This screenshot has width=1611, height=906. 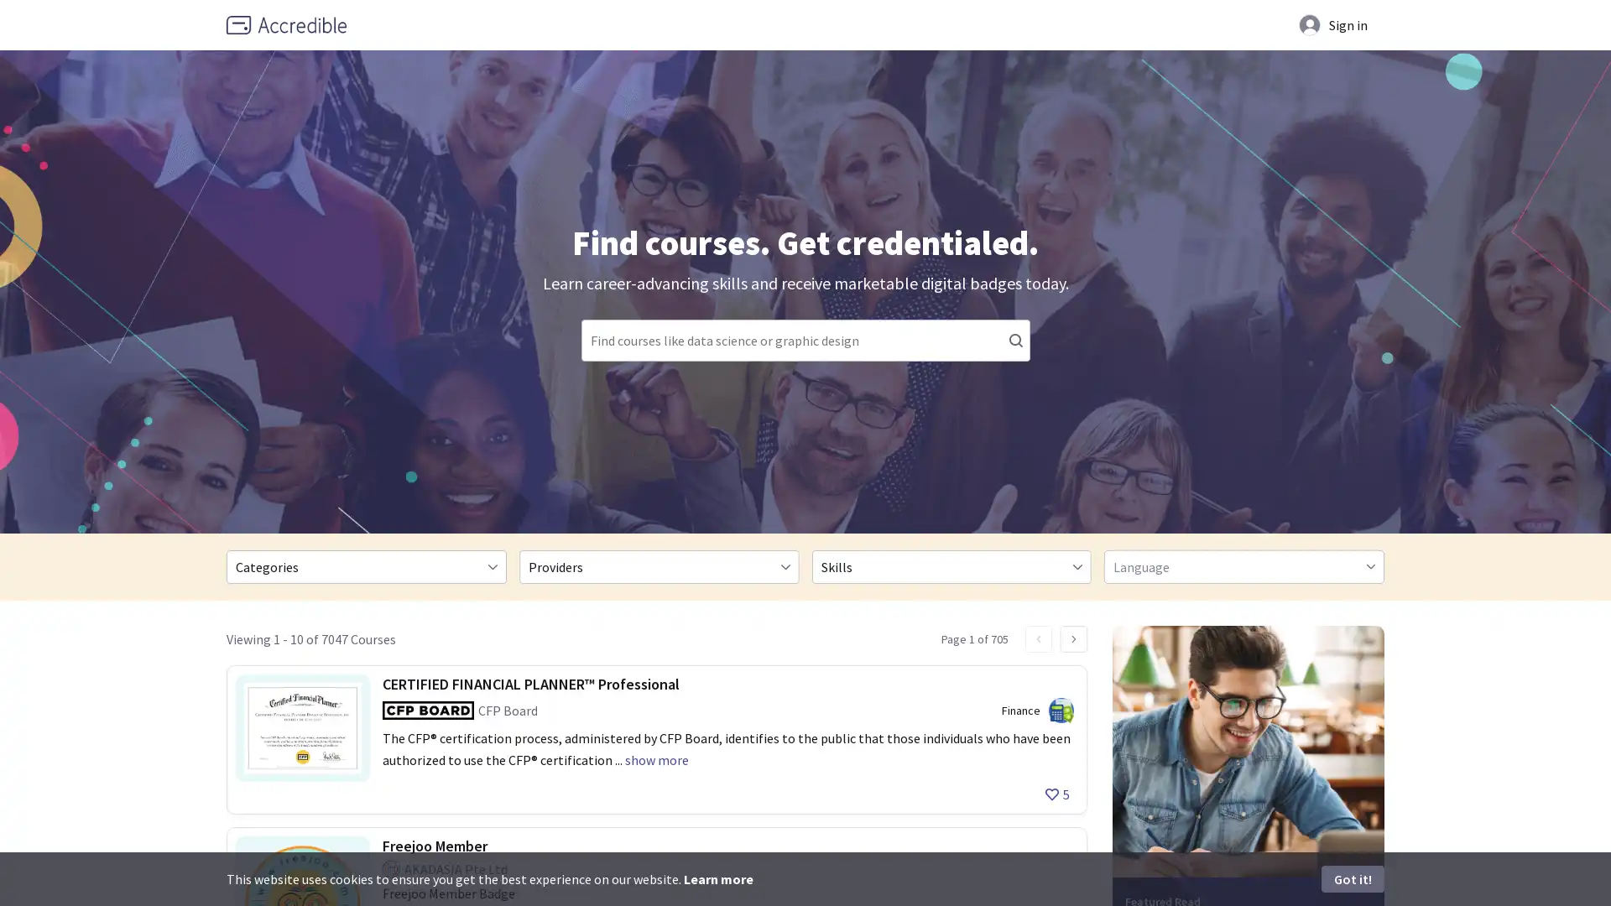 I want to click on show more, so click(x=655, y=760).